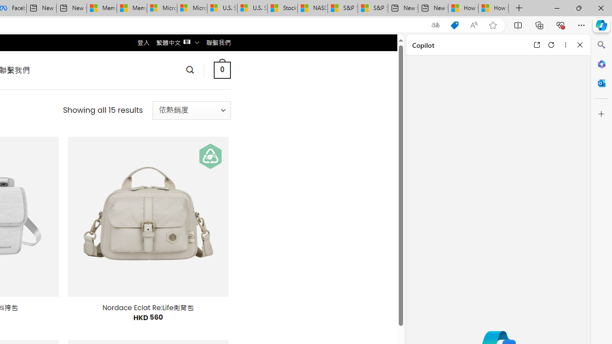 The height and width of the screenshot is (344, 612). Describe the element at coordinates (435, 25) in the screenshot. I see `'Show translate options'` at that location.